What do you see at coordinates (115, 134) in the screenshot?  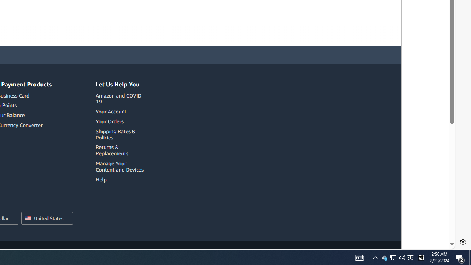 I see `'Shipping Rates & Policies'` at bounding box center [115, 134].